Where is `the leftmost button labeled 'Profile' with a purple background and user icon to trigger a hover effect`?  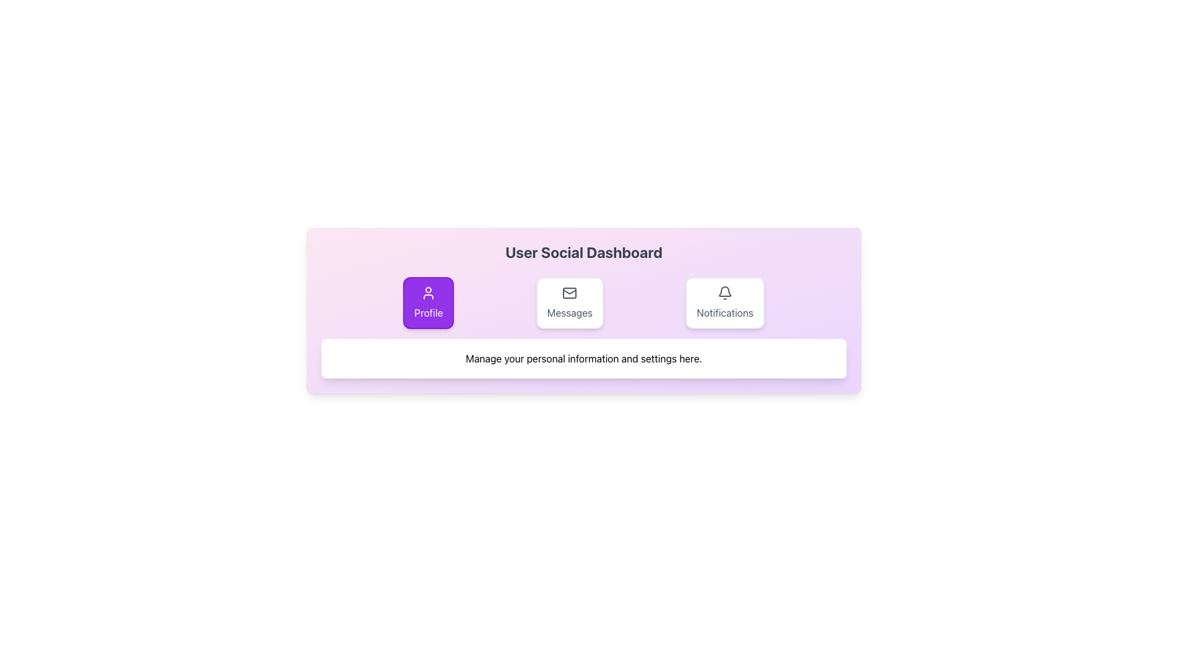
the leftmost button labeled 'Profile' with a purple background and user icon to trigger a hover effect is located at coordinates (429, 302).